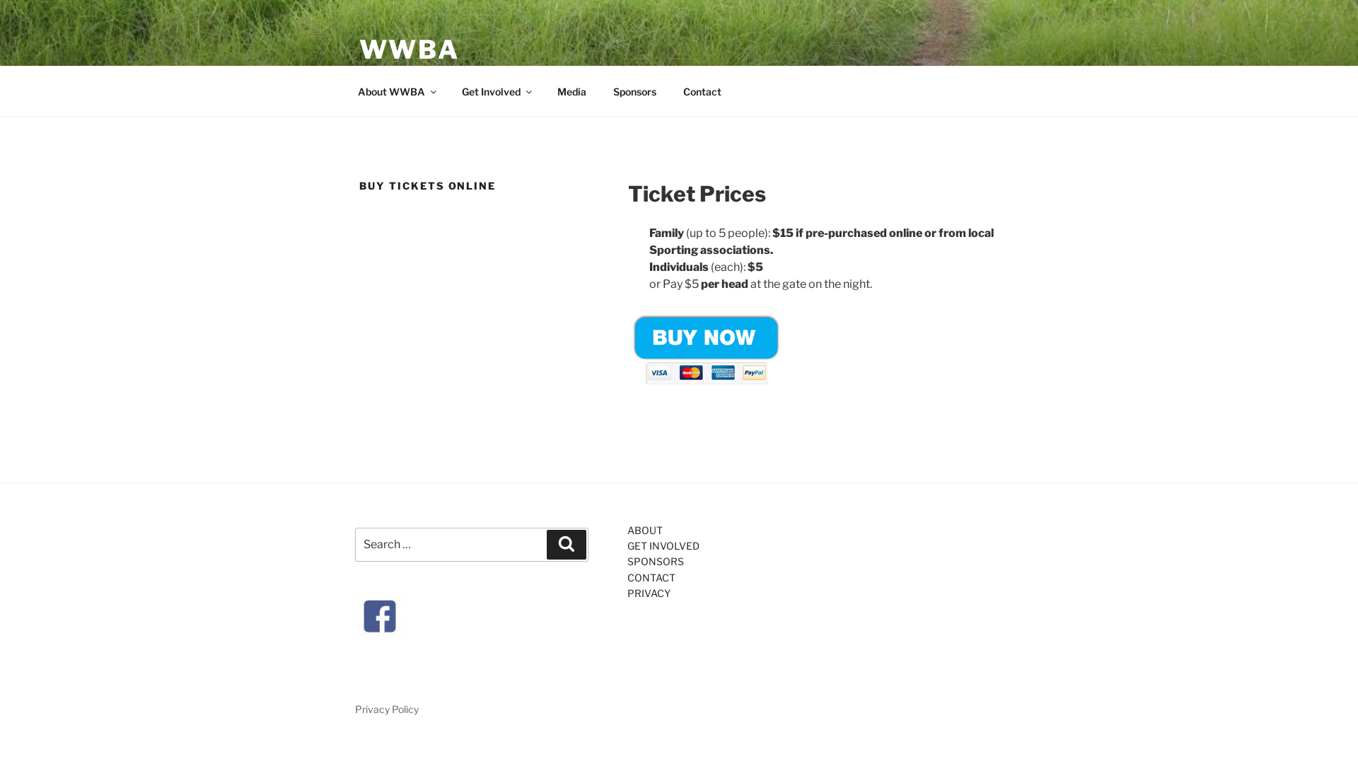 The image size is (1358, 764). Describe the element at coordinates (654, 560) in the screenshot. I see `'SPONSORS'` at that location.